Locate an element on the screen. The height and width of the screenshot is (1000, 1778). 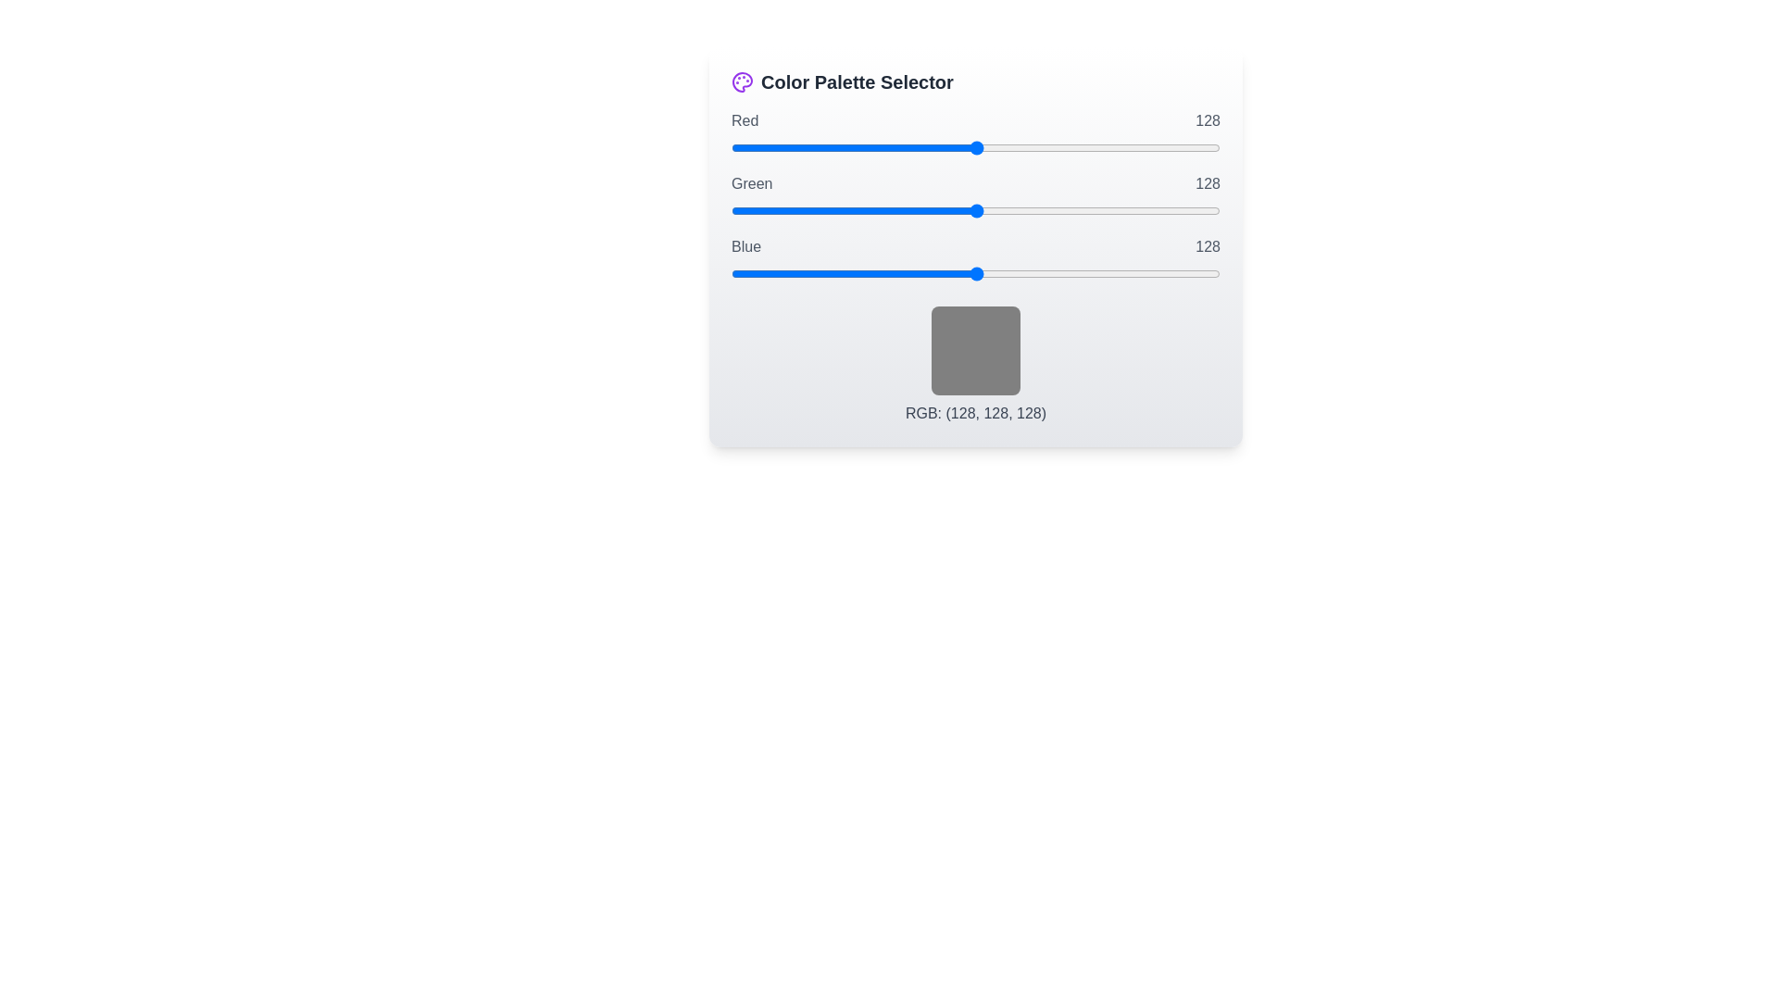
the blue slider to set its value to 76 is located at coordinates (876, 274).